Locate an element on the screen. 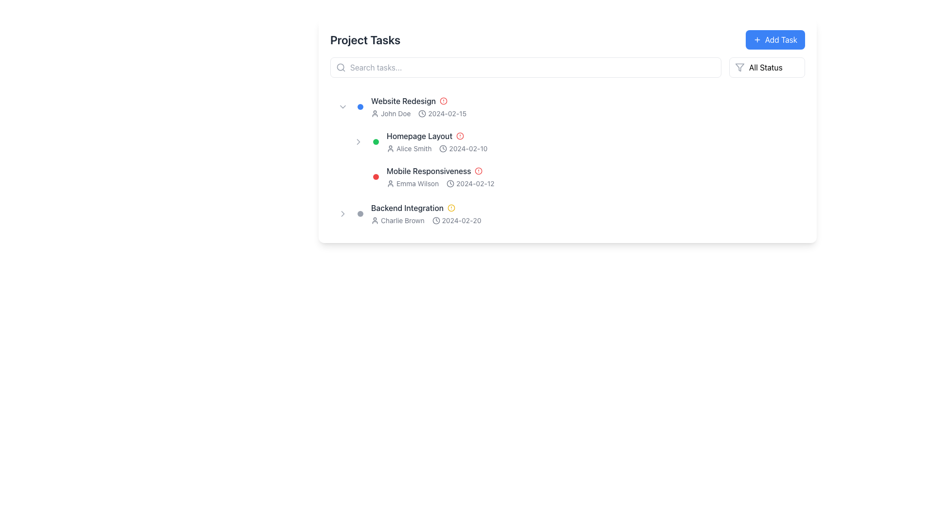  the details of the clock icon representing time, which is positioned immediately before the date '2024-02-15' in the task 'Website Redesign' is located at coordinates (422, 113).